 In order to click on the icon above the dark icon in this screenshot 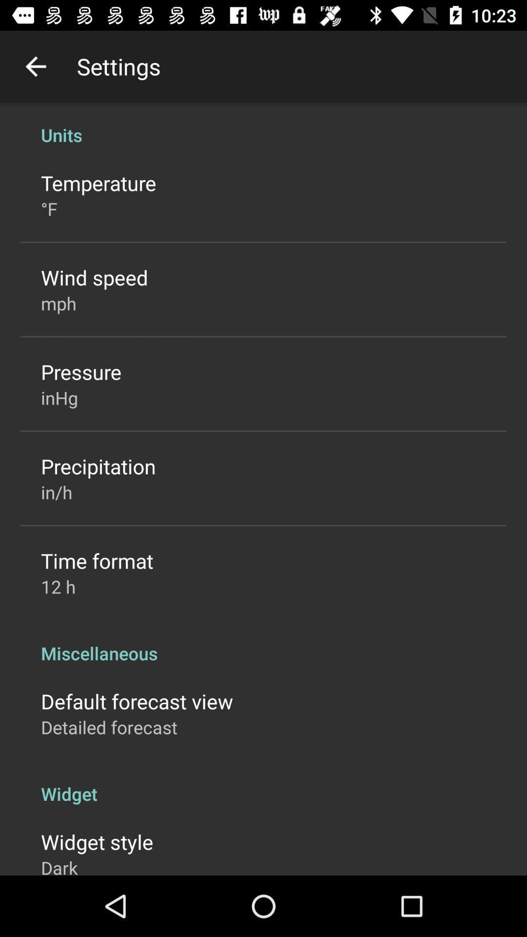, I will do `click(97, 841)`.